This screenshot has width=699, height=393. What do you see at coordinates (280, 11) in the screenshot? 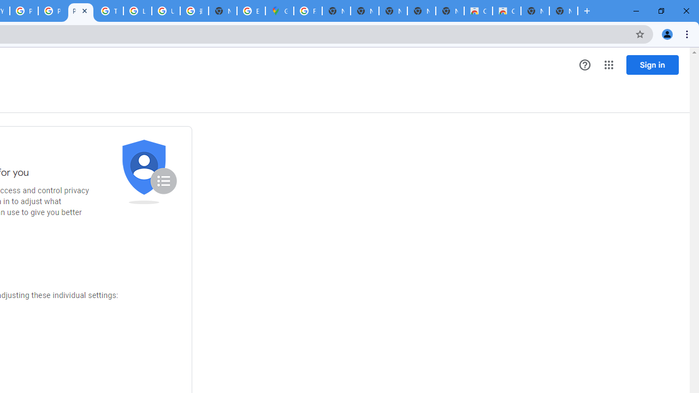
I see `'Google Maps'` at bounding box center [280, 11].